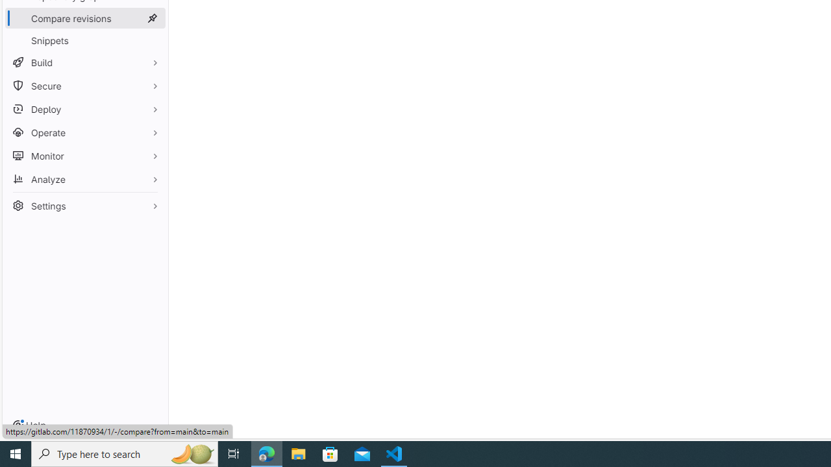 The height and width of the screenshot is (467, 831). I want to click on 'Operate', so click(84, 132).